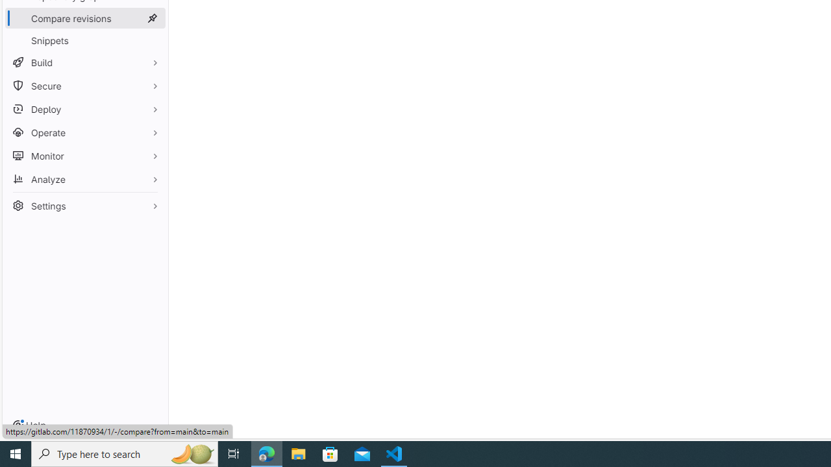 The height and width of the screenshot is (467, 831). I want to click on 'Operate', so click(84, 132).